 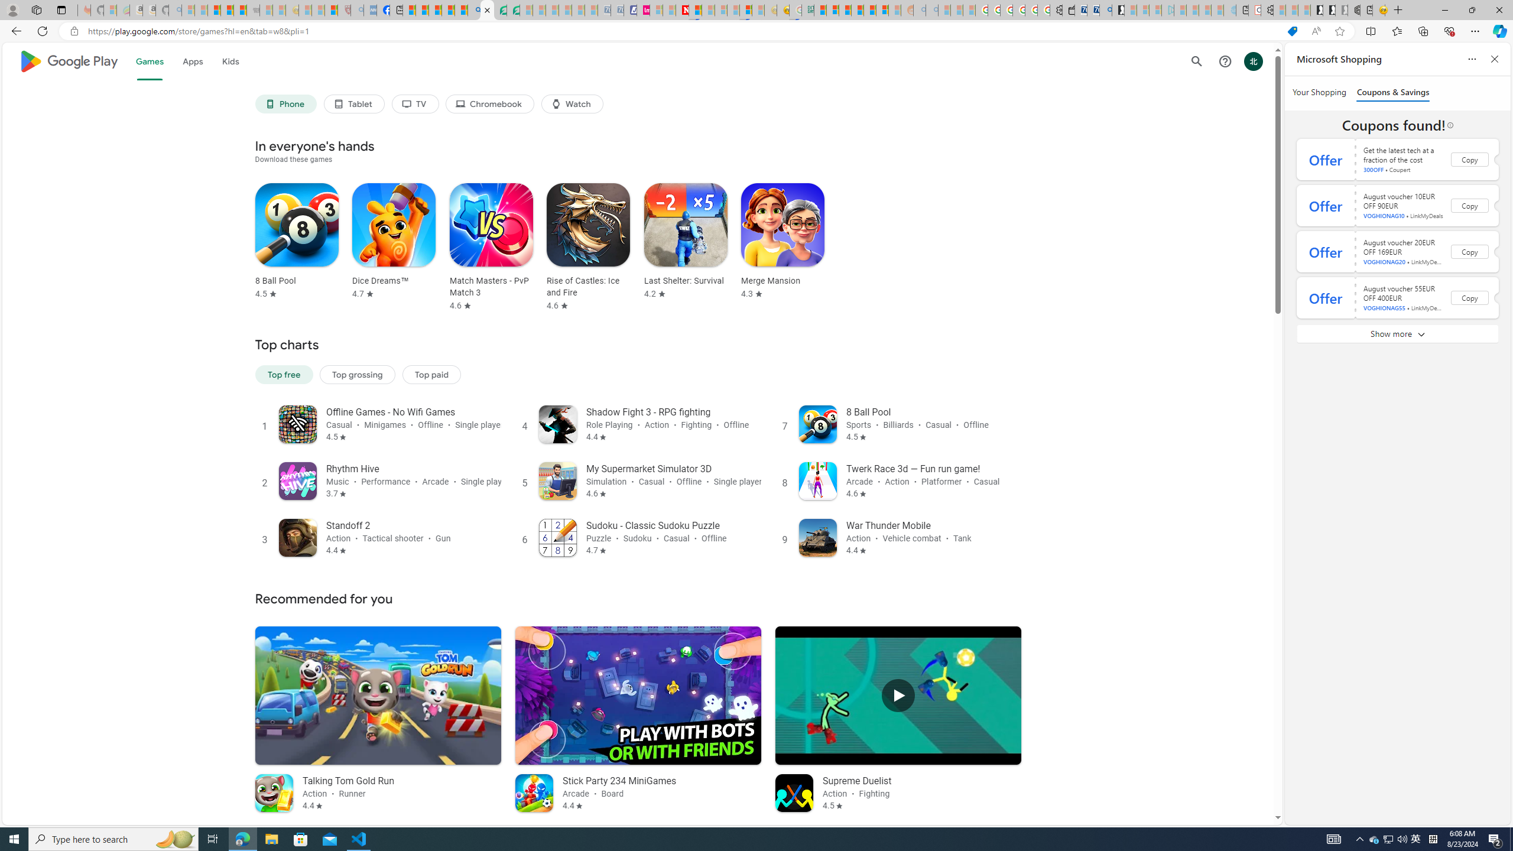 What do you see at coordinates (681, 9) in the screenshot?
I see `'Latest Politics News & Archive | Newsweek.com'` at bounding box center [681, 9].